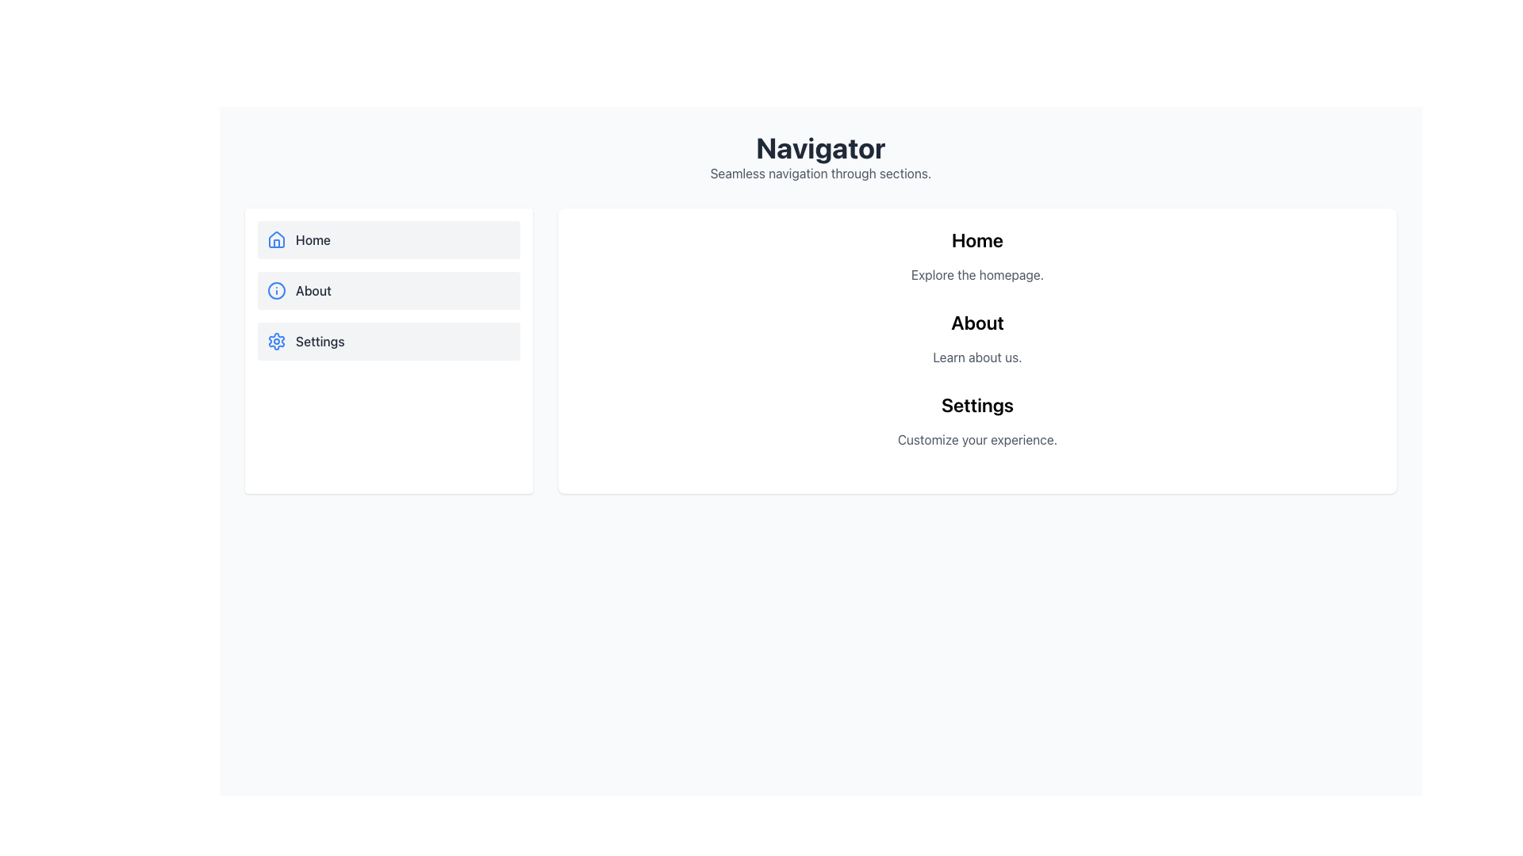 The height and width of the screenshot is (856, 1523). I want to click on the header and description area for the 'Home' section located in the right-hand panel, below the title 'Navigator.', so click(976, 255).